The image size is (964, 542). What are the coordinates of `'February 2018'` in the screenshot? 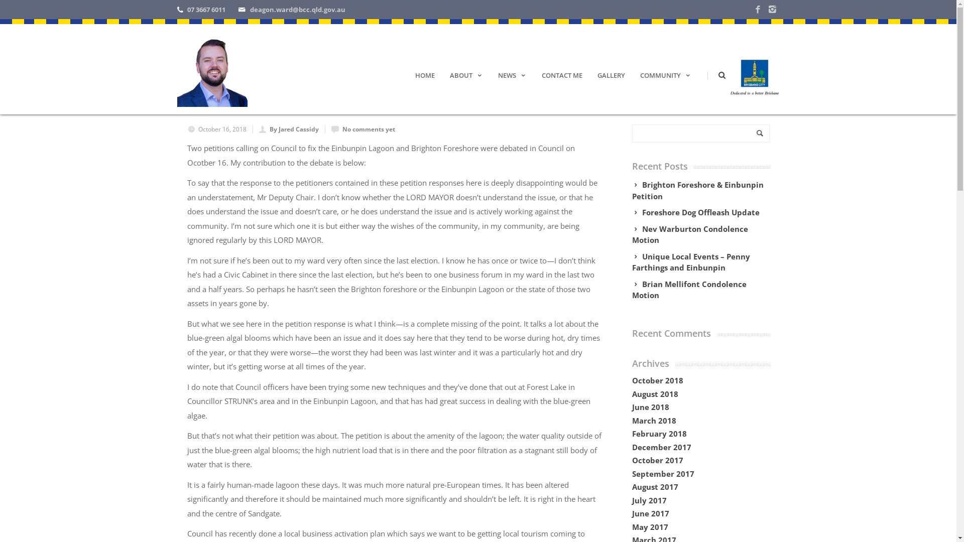 It's located at (659, 433).